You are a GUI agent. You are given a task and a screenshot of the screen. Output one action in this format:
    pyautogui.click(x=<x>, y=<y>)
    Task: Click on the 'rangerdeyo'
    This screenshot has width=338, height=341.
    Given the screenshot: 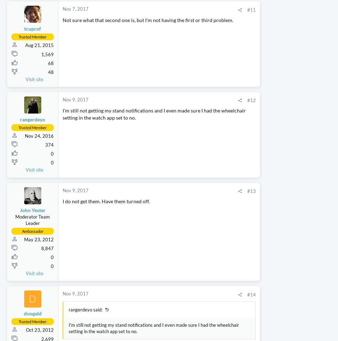 What is the action you would take?
    pyautogui.click(x=20, y=161)
    